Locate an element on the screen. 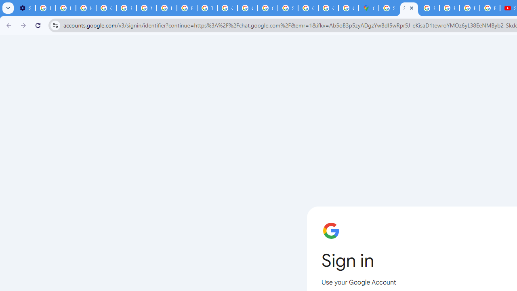  'Google Maps' is located at coordinates (368, 8).